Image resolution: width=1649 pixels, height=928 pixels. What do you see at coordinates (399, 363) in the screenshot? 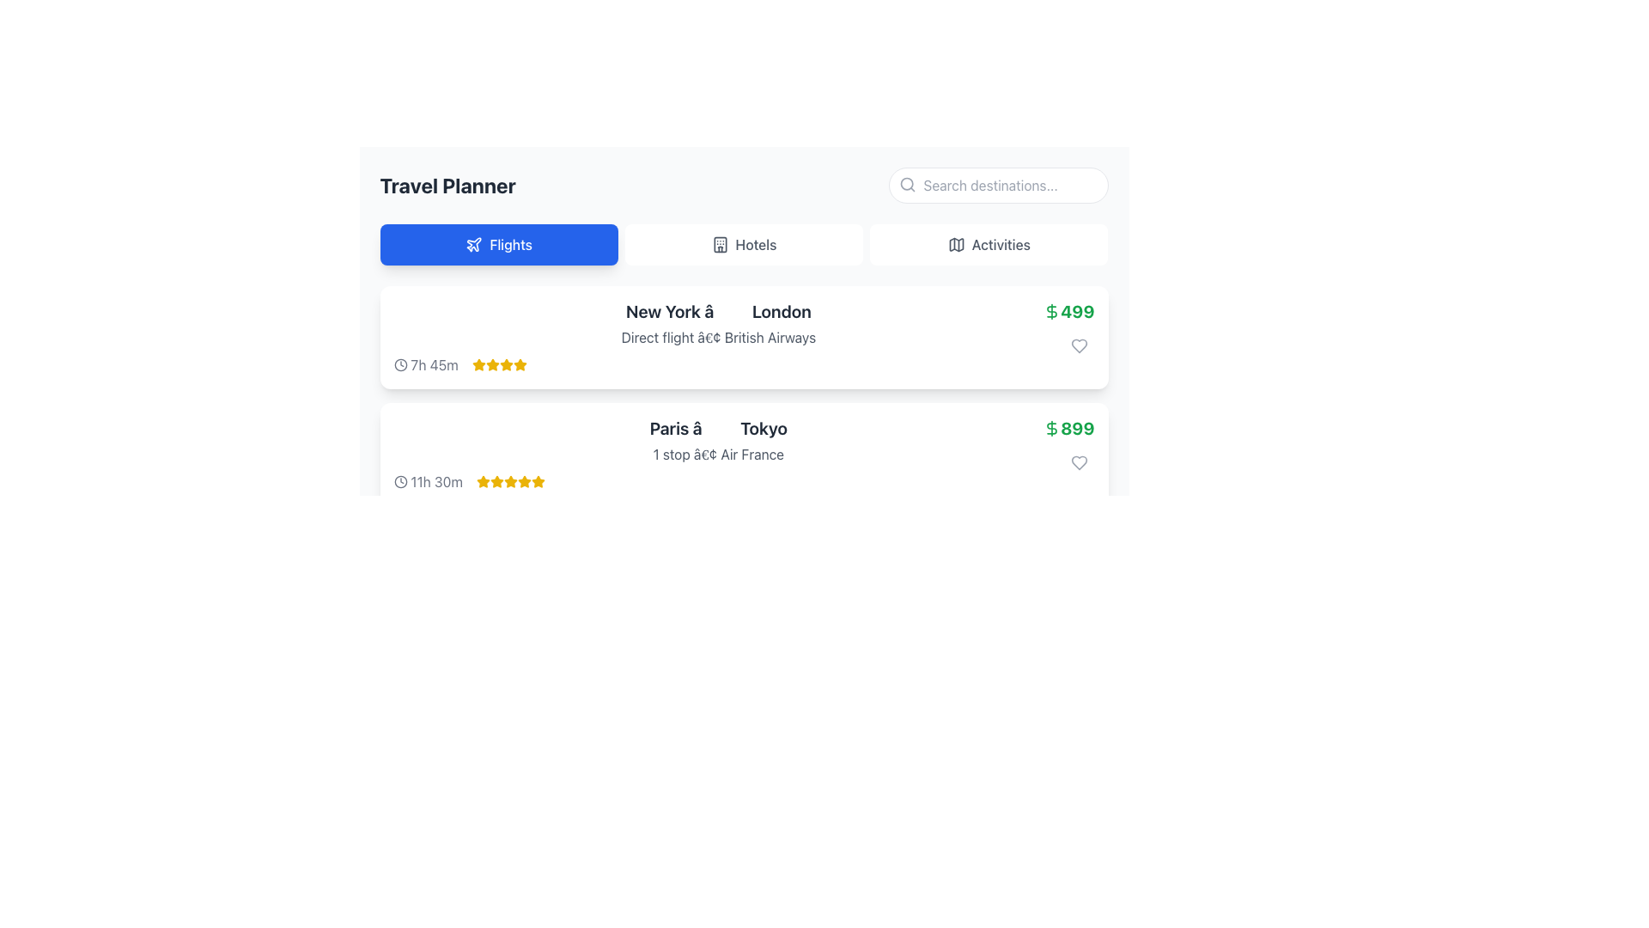
I see `the clock icon that visually represents flight duration, located in the first row of flight options, preceding the text '7h 45m'` at bounding box center [399, 363].